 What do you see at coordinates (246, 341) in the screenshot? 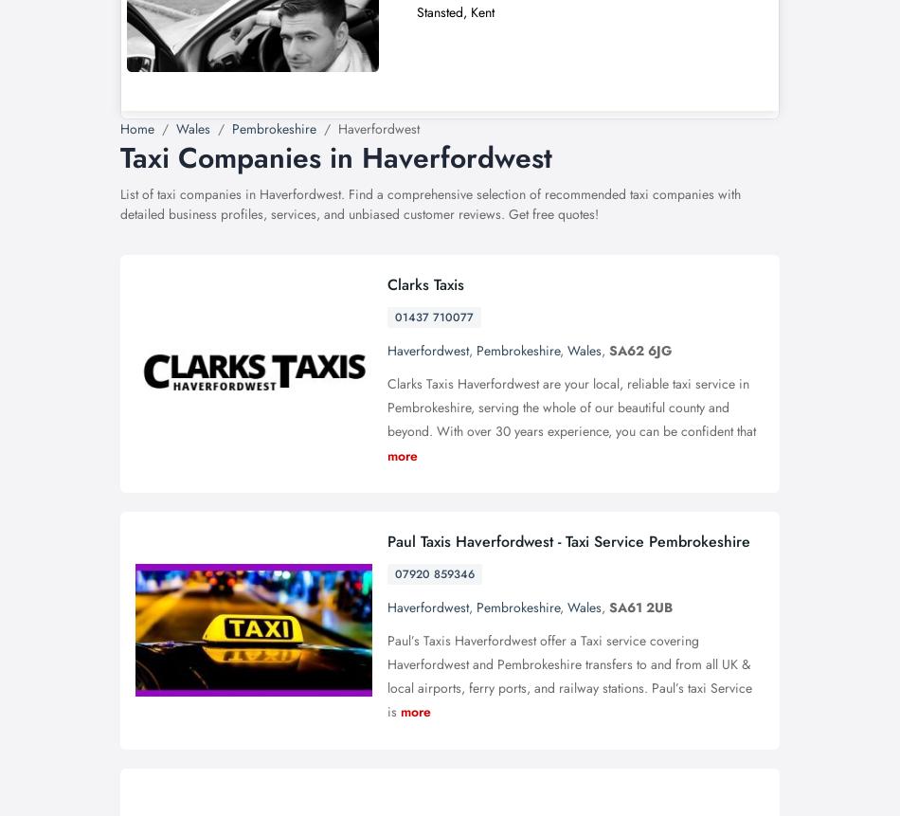
I see `'Click on the "Create" button.'` at bounding box center [246, 341].